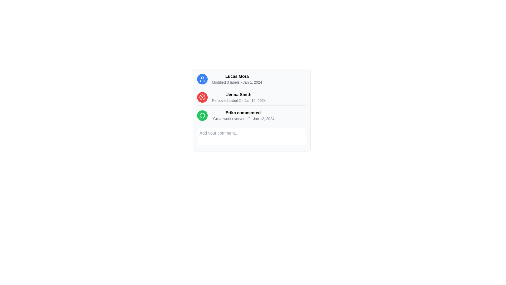 Image resolution: width=506 pixels, height=285 pixels. Describe the element at coordinates (239, 94) in the screenshot. I see `the label displaying 'Jenna Smith', which is part of a comment-like display list, positioned between 'Lucas Mora' and 'Erika commented'` at that location.